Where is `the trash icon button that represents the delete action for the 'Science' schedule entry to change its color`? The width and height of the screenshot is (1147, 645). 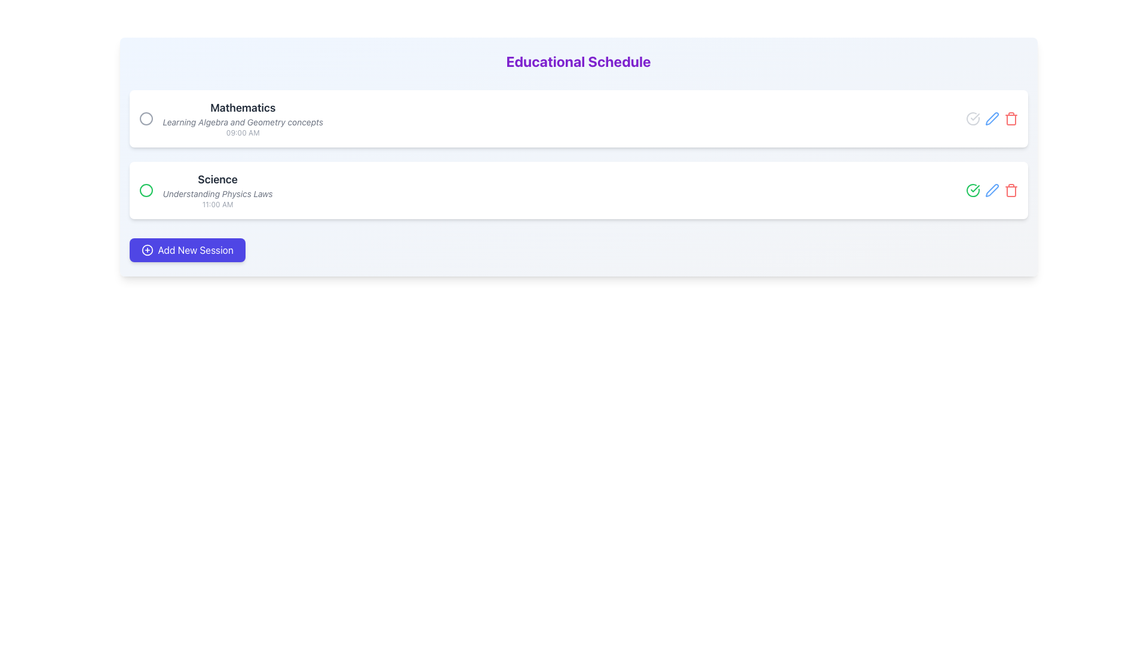
the trash icon button that represents the delete action for the 'Science' schedule entry to change its color is located at coordinates (1010, 190).